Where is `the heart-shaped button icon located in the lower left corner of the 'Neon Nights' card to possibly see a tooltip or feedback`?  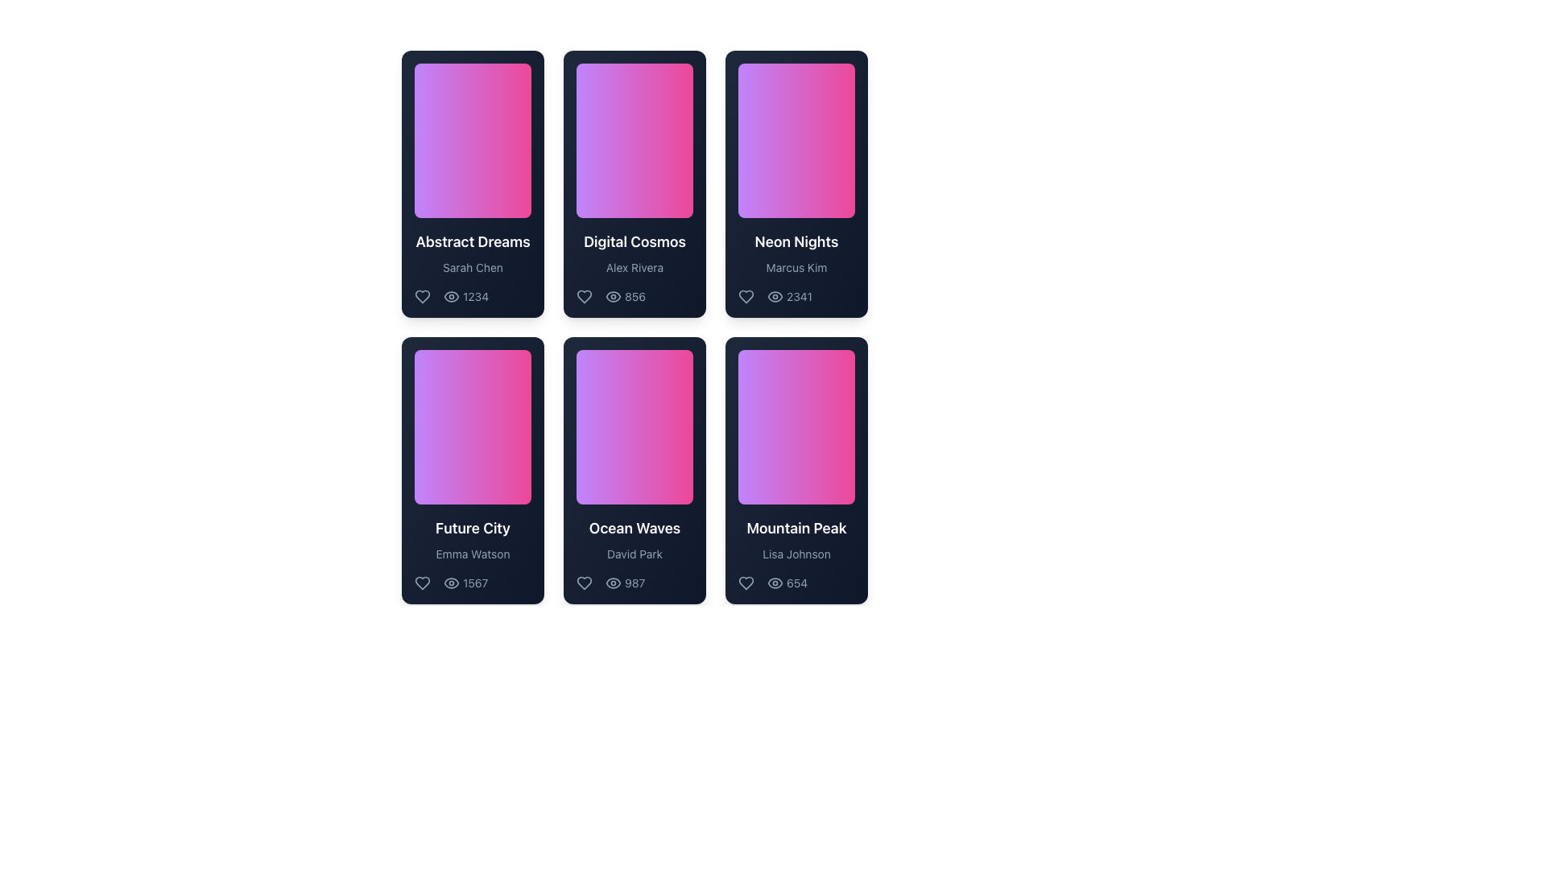
the heart-shaped button icon located in the lower left corner of the 'Neon Nights' card to possibly see a tooltip or feedback is located at coordinates (745, 297).